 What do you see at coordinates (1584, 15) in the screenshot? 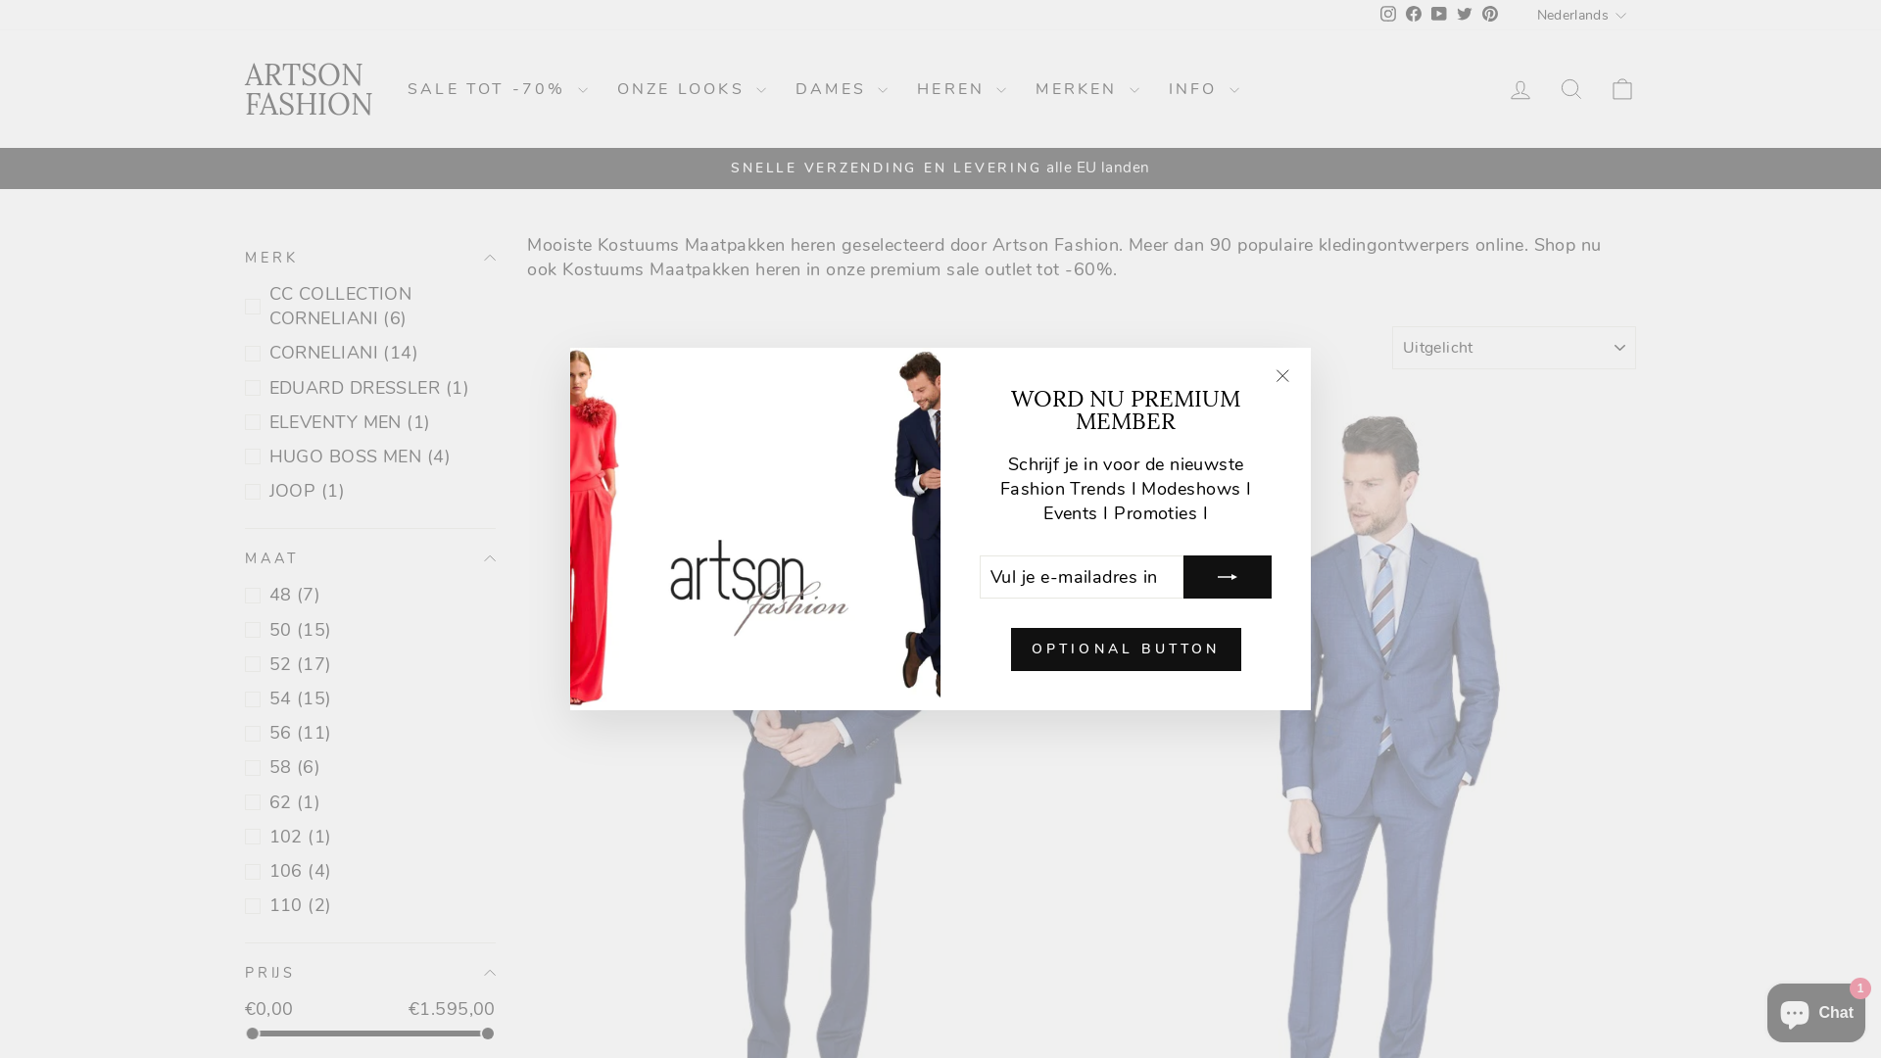
I see `'Nederlands'` at bounding box center [1584, 15].